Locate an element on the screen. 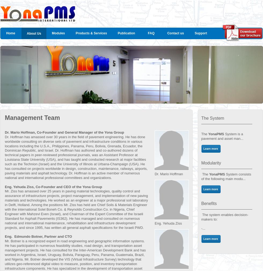 Image resolution: width=263 pixels, height=271 pixels. 'Mr. Ziss has amassed over 25 years in paving material technologies, quality control and assurance of infrastructure projects, project management, and implementation of new paving materials and technologies. He worked as an engineer at a major professional soil laboratory in Delft, Holland. Among the positions Mr. Ziss has held are Chief Soils & Materials Engineer with the international Solel Boneh Co. & Reynolds Construction Co. in Nigeria, Chief Engineer with Mahzevi Even (Israel), and Chairman of the Expert Committee of the Israeli Standard for Asphalt Pavements (IS362). He has managed and consulted on numerous national and international maintenance, rehabilitation and infrastructure development projects, and since 1995, has written all general asphalt specifications for the Israeli PWD.' is located at coordinates (5, 209).